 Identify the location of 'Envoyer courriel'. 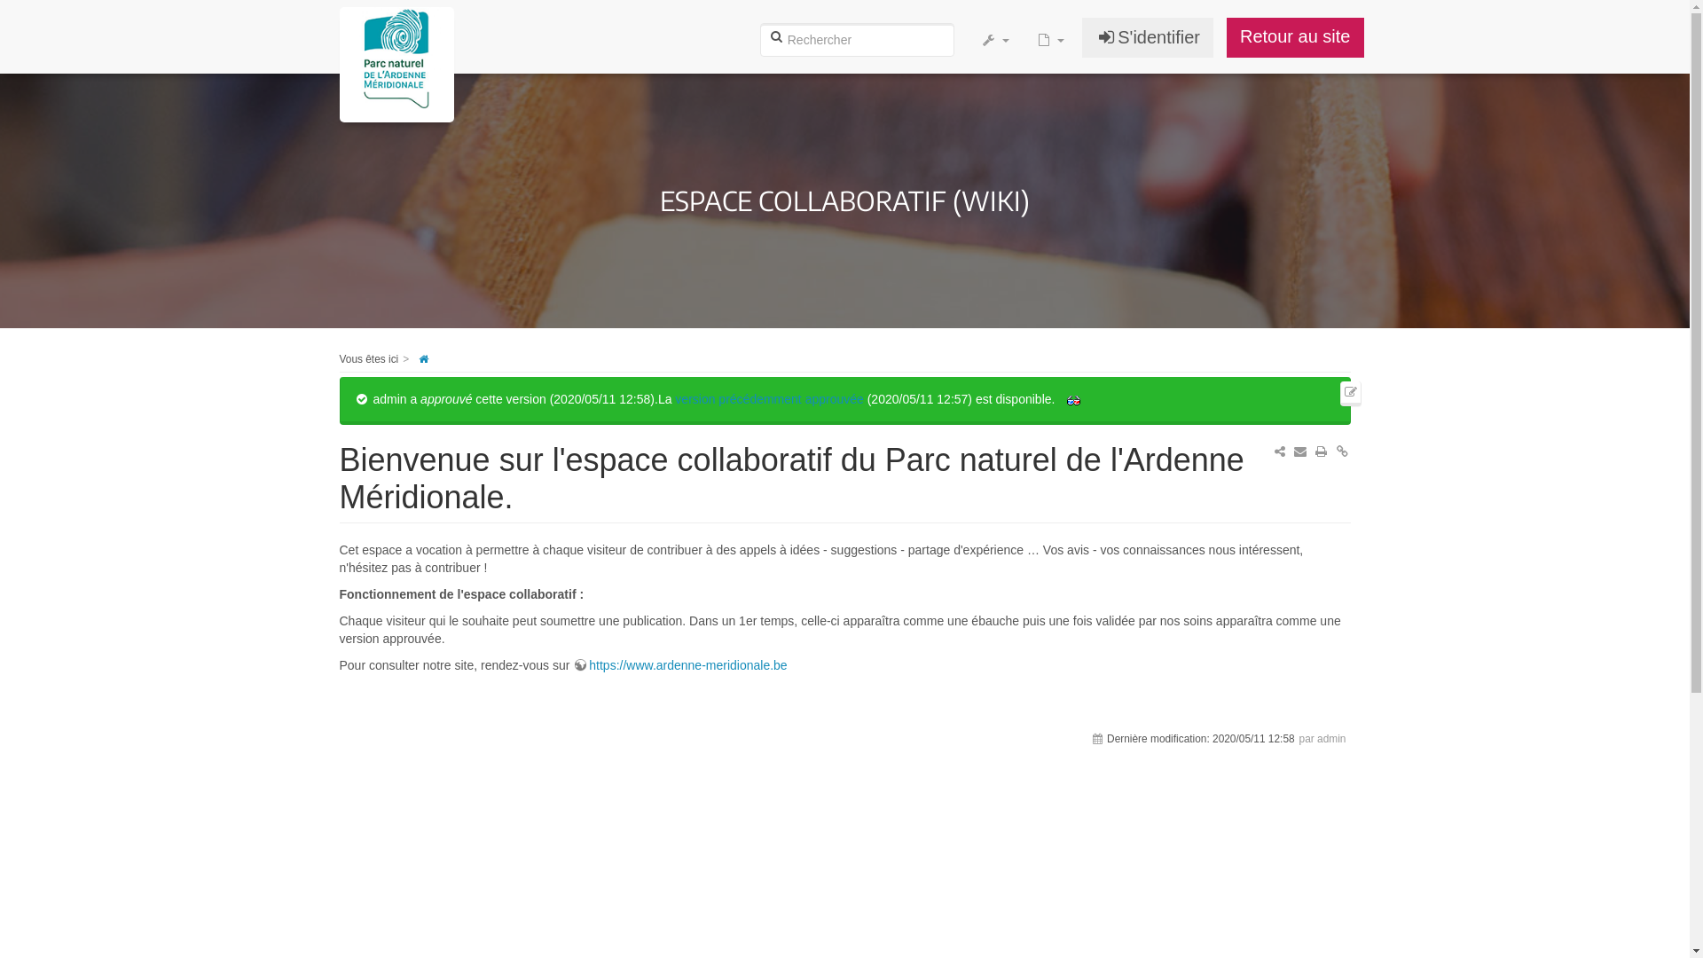
(1292, 451).